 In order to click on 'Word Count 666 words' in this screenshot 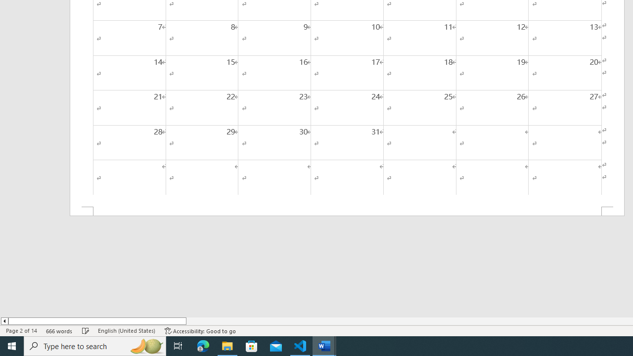, I will do `click(59, 331)`.